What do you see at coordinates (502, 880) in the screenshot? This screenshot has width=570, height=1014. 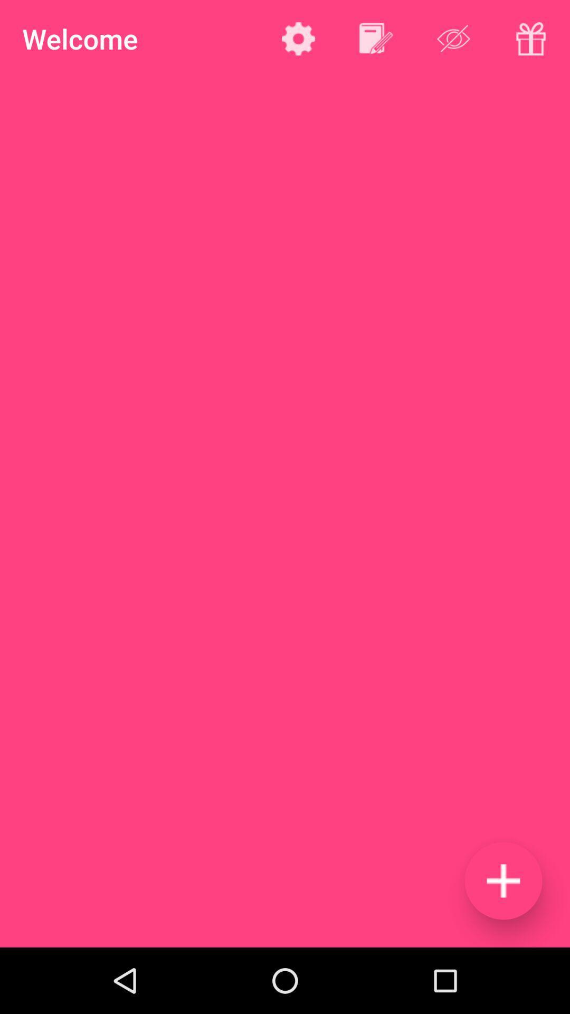 I see `a new item` at bounding box center [502, 880].